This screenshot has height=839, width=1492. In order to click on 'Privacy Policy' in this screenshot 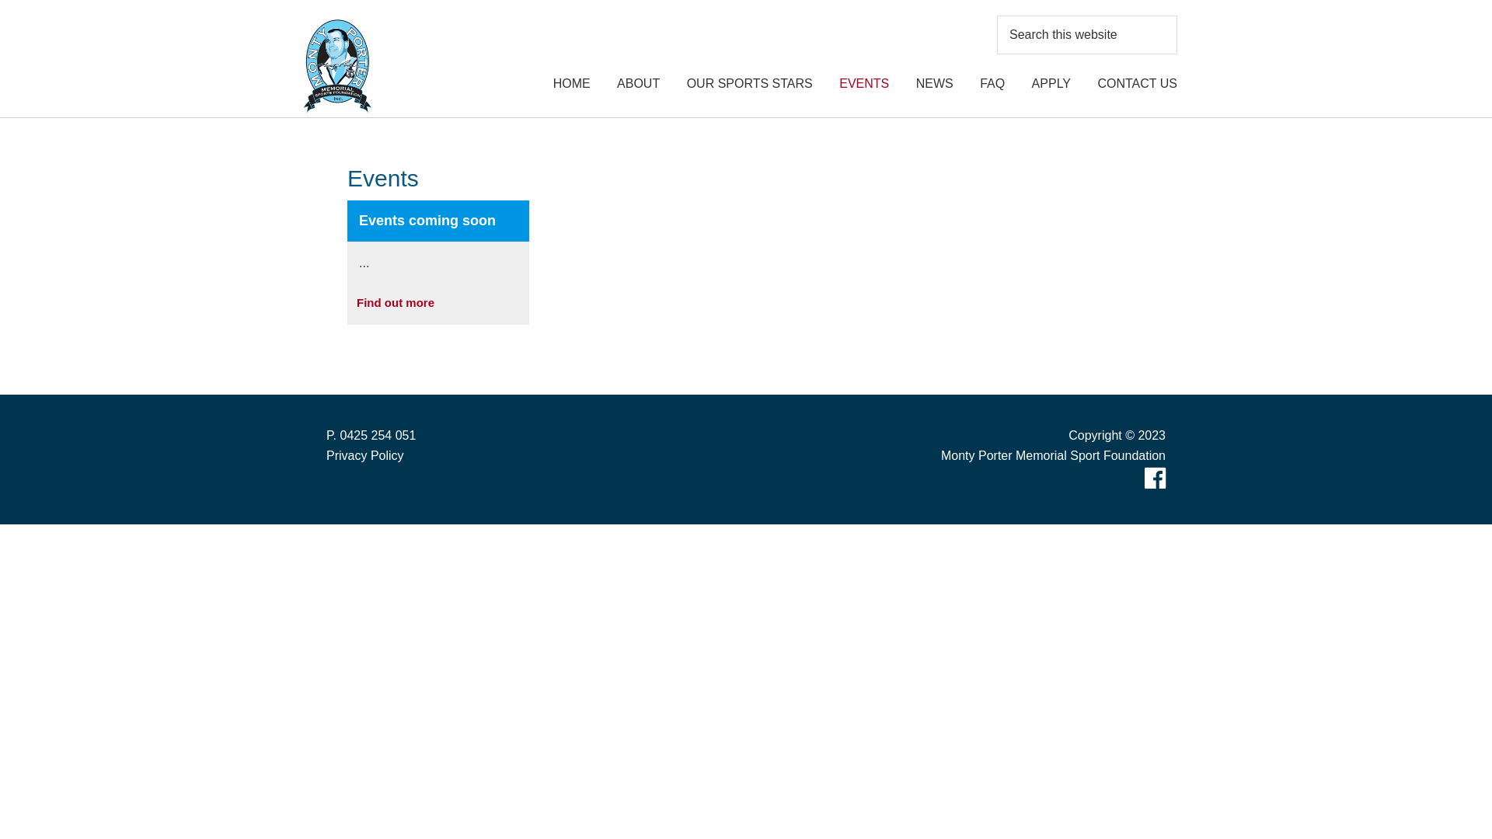, I will do `click(364, 454)`.